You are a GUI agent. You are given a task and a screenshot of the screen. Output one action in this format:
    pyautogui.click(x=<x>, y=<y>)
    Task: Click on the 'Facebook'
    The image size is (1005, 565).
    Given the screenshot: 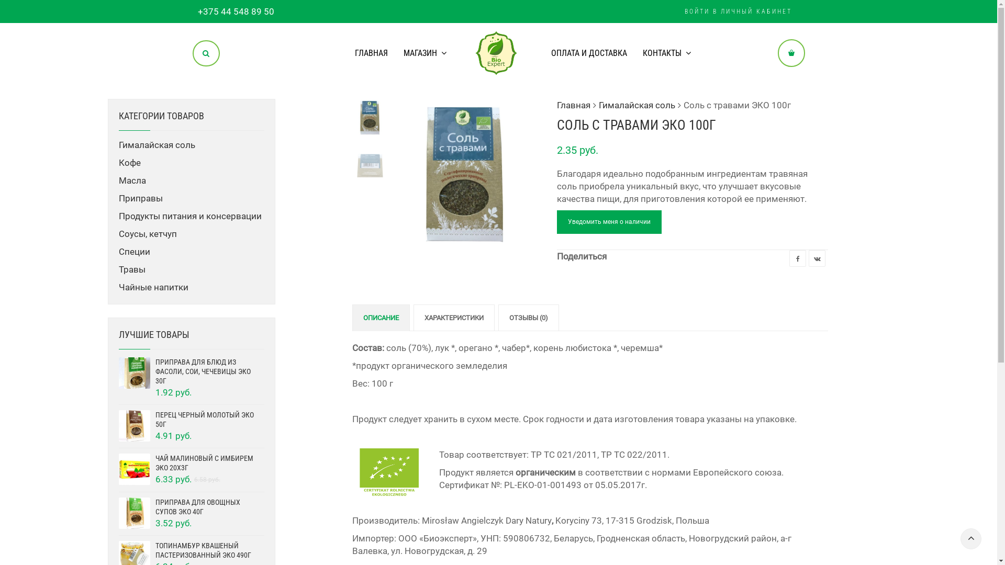 What is the action you would take?
    pyautogui.click(x=797, y=258)
    